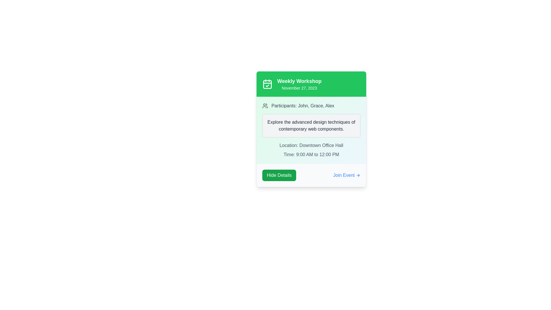 This screenshot has height=310, width=551. What do you see at coordinates (346, 175) in the screenshot?
I see `the event join button located at the bottom right corner of the interface, adjacent to the green 'Hide Details' button` at bounding box center [346, 175].